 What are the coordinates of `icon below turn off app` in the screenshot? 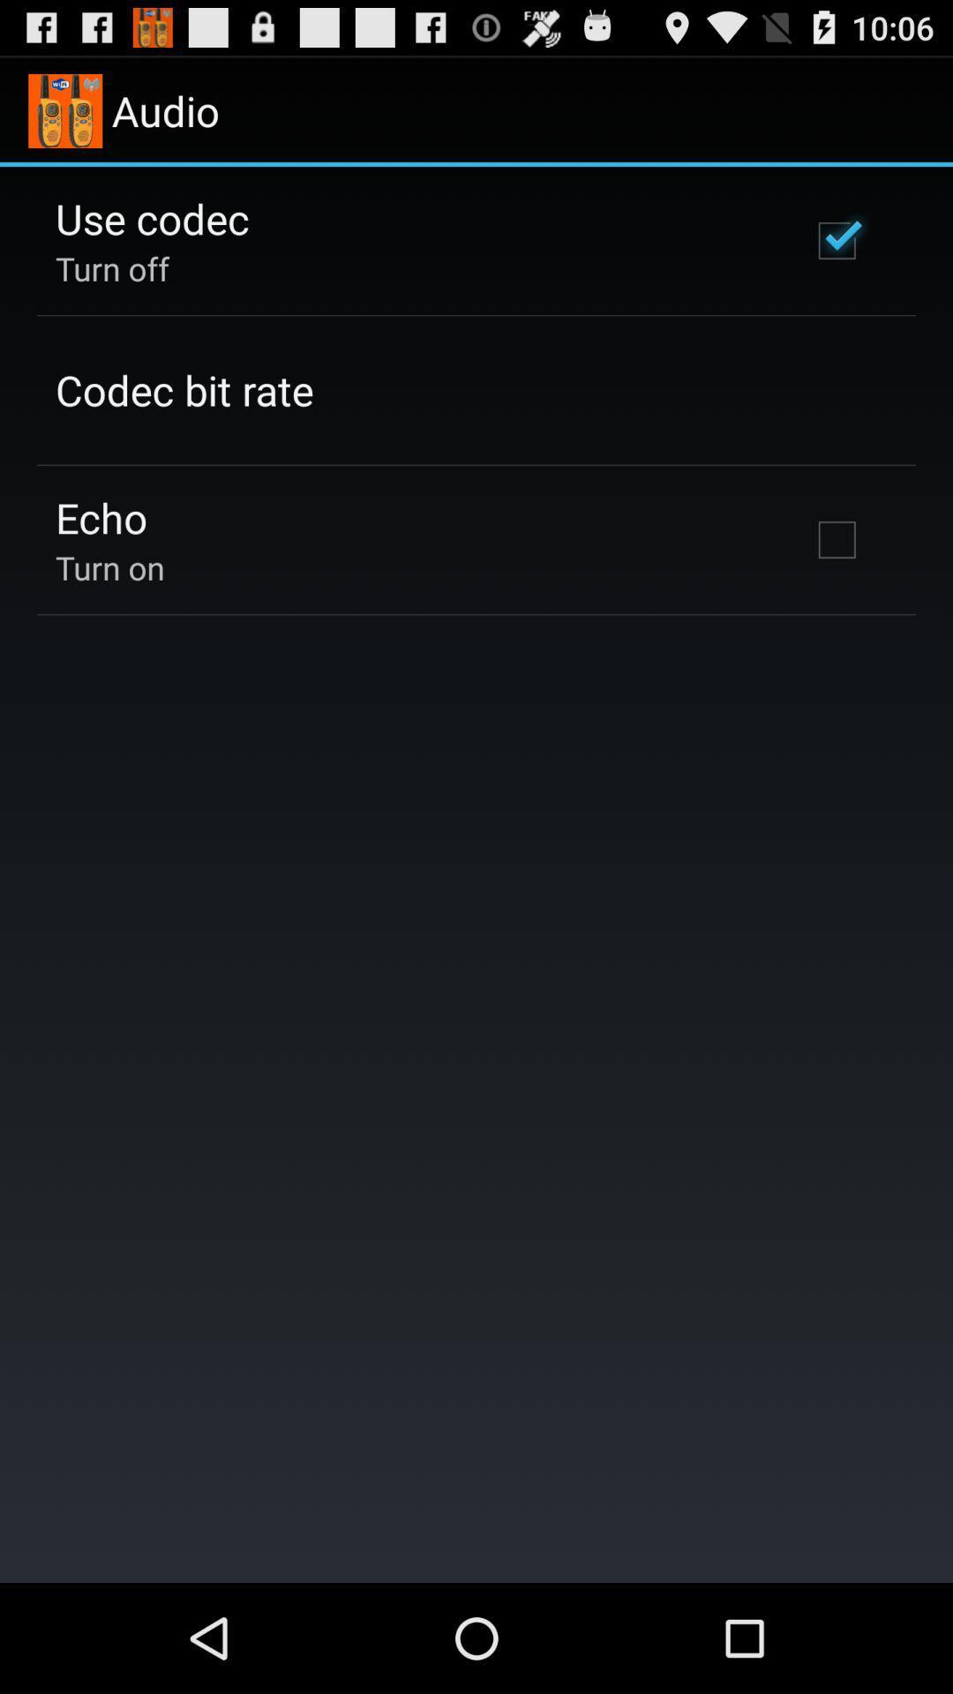 It's located at (184, 389).